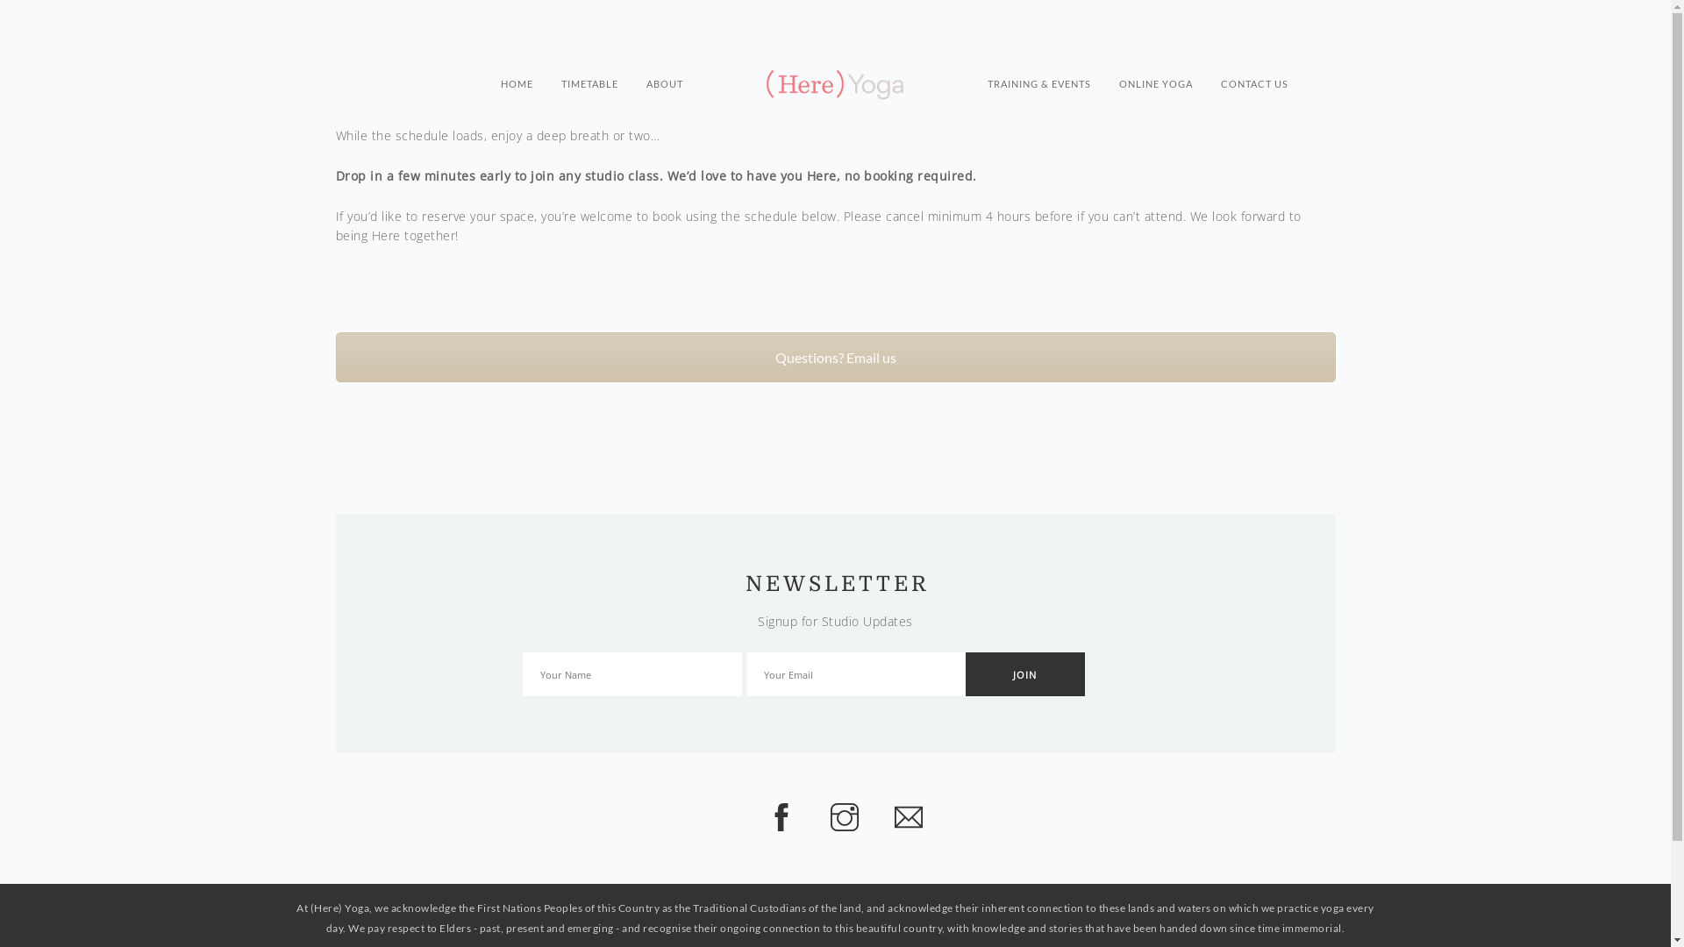 This screenshot has height=947, width=1684. What do you see at coordinates (589, 66) in the screenshot?
I see `'TIMETABLE'` at bounding box center [589, 66].